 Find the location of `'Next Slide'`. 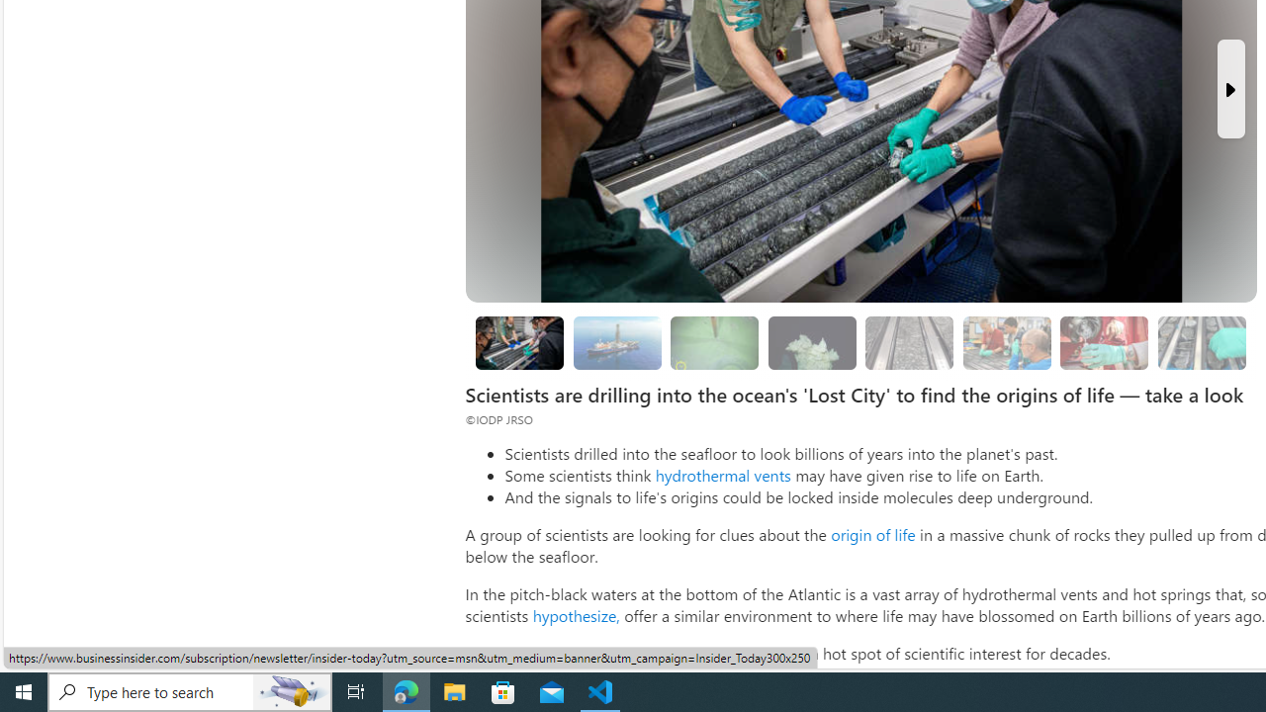

'Next Slide' is located at coordinates (1229, 89).